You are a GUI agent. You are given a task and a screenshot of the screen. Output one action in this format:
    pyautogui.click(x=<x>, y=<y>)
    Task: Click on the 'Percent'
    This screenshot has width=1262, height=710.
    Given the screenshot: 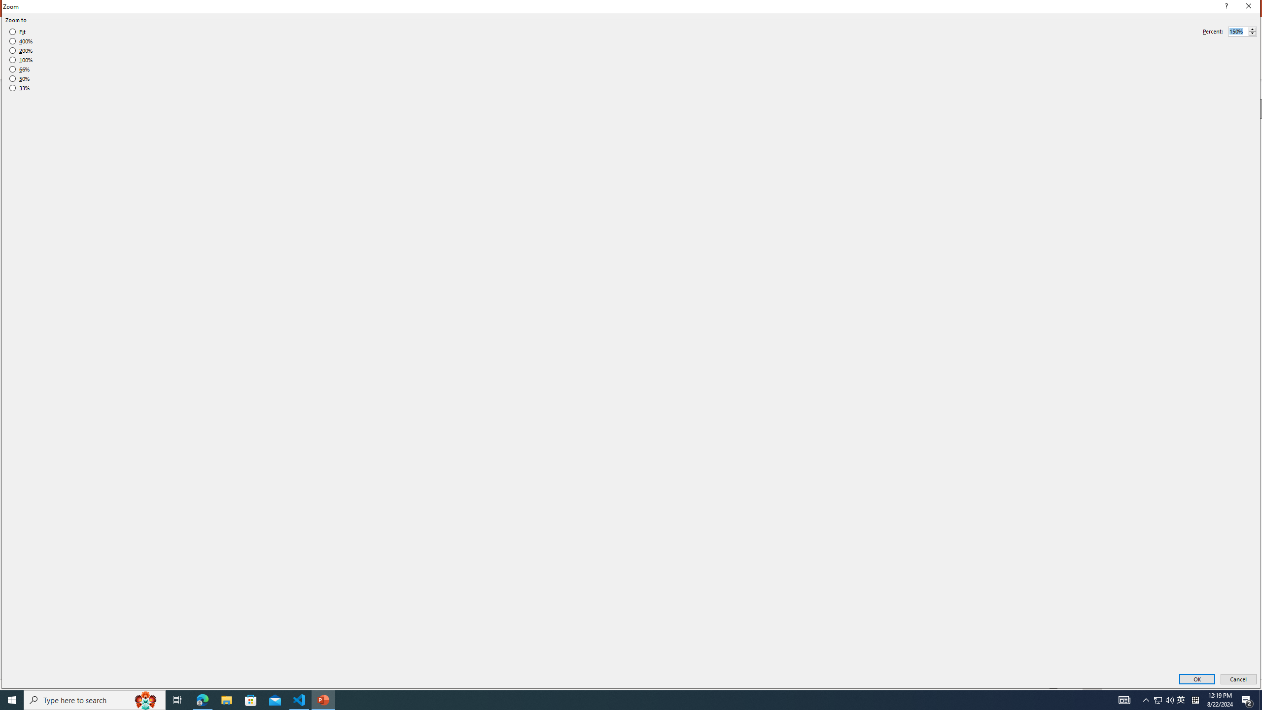 What is the action you would take?
    pyautogui.click(x=1242, y=32)
    